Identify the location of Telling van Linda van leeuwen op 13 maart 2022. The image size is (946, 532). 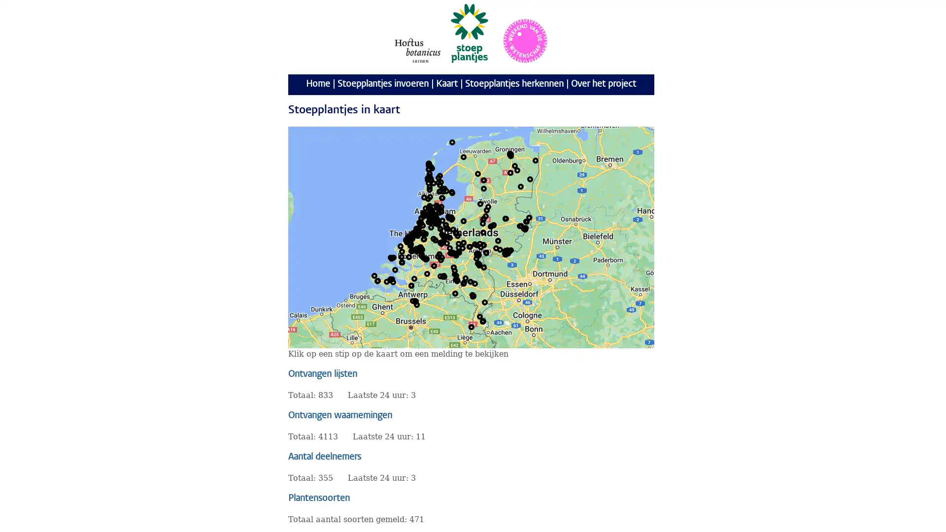
(410, 243).